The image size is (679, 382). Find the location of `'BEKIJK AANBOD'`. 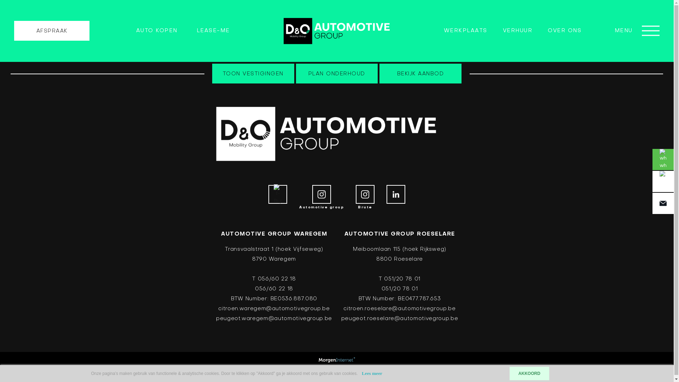

'BEKIJK AANBOD' is located at coordinates (420, 74).